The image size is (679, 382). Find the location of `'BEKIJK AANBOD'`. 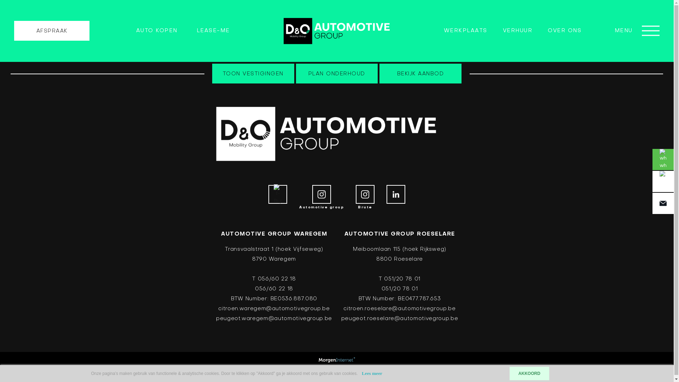

'BEKIJK AANBOD' is located at coordinates (420, 74).